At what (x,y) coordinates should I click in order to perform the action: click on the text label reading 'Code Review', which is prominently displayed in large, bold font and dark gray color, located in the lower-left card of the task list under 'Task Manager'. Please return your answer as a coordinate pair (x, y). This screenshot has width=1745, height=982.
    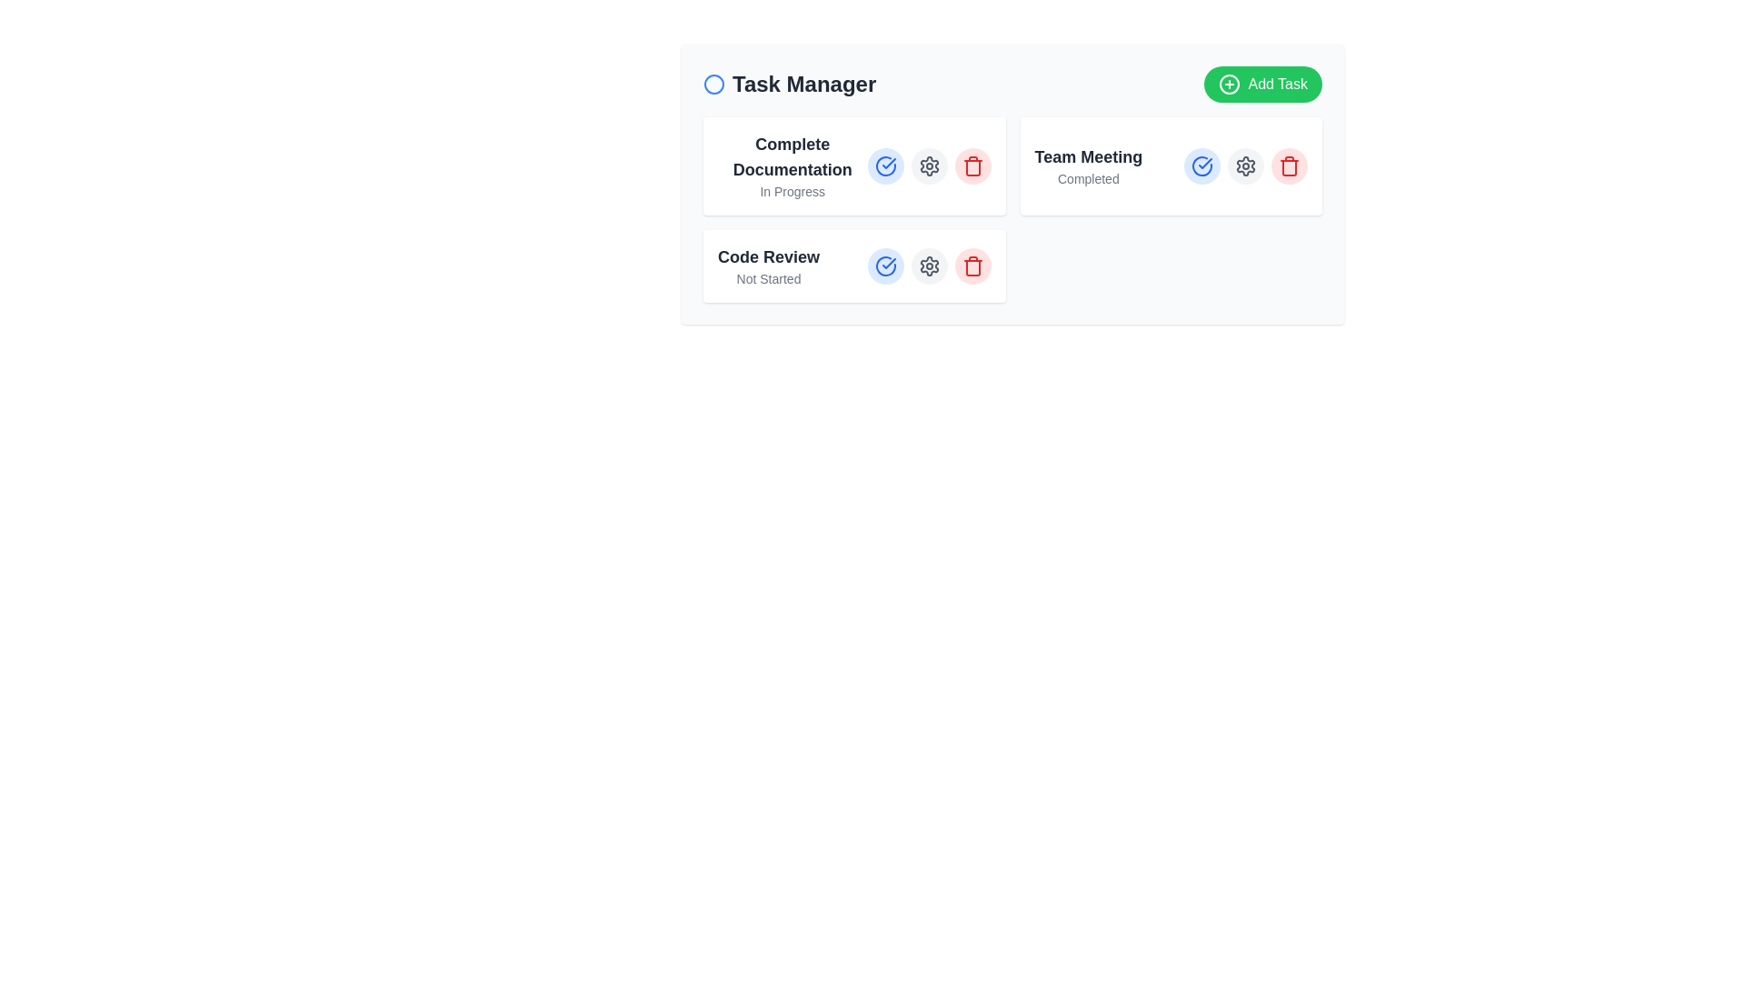
    Looking at the image, I should click on (768, 256).